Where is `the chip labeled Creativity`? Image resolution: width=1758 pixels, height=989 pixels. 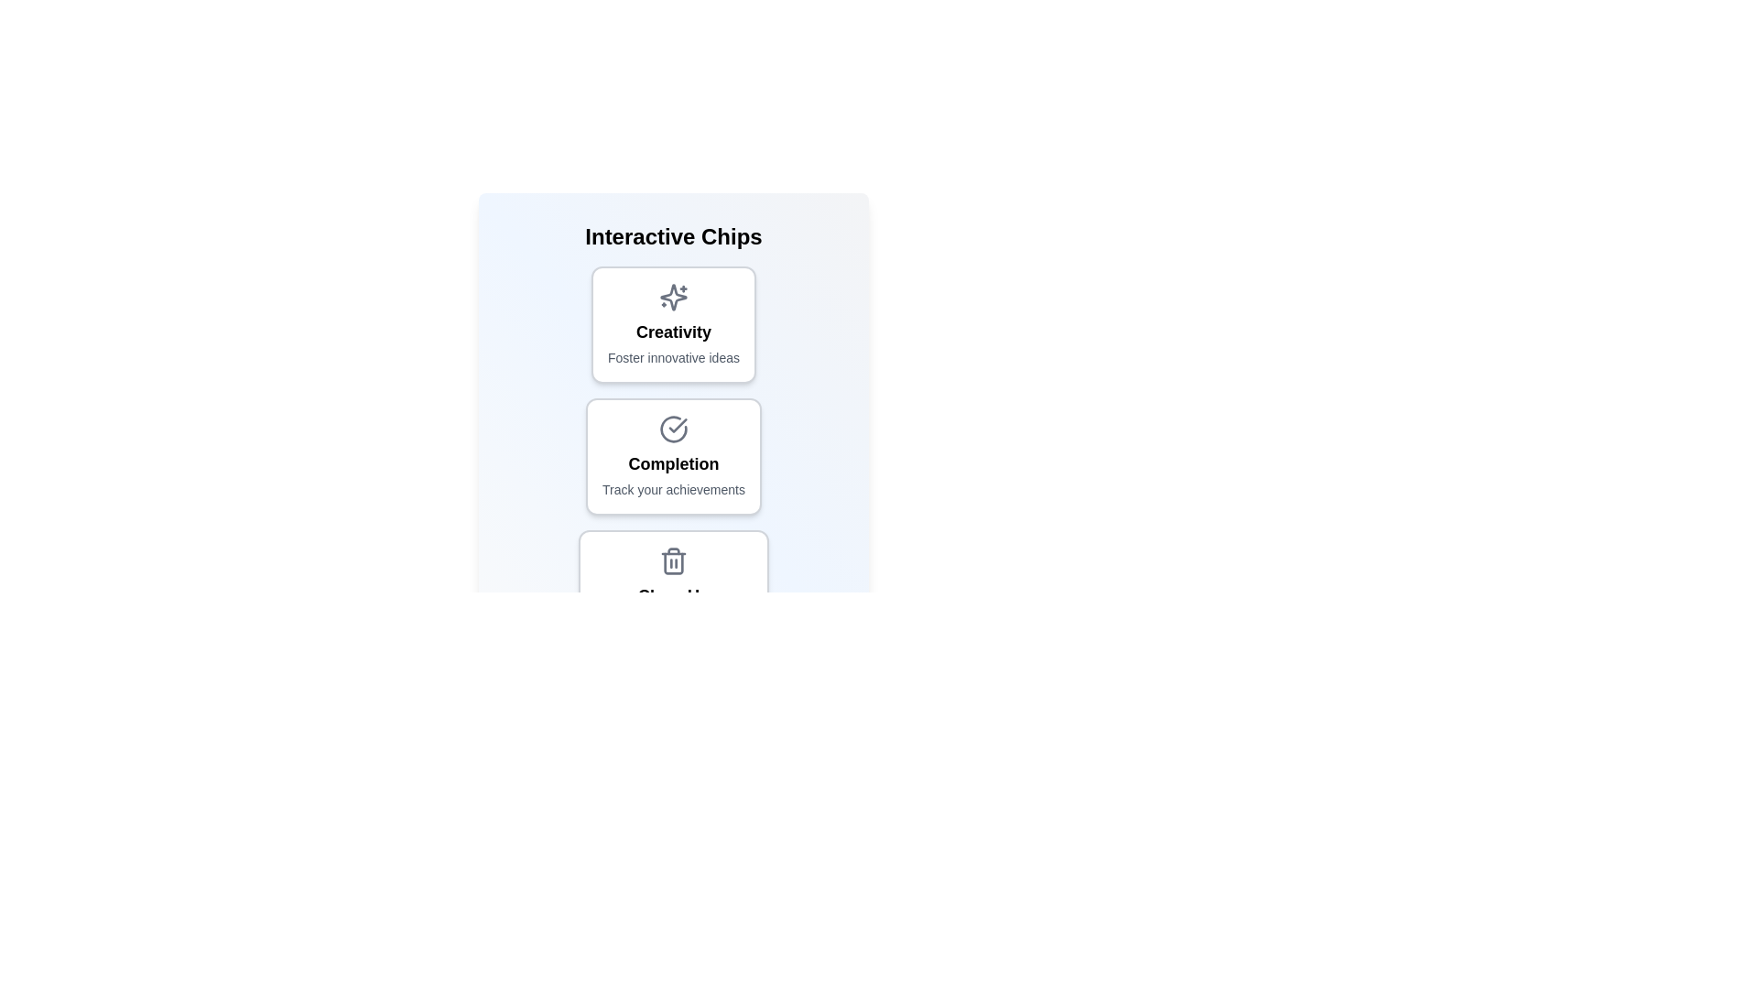 the chip labeled Creativity is located at coordinates (672, 323).